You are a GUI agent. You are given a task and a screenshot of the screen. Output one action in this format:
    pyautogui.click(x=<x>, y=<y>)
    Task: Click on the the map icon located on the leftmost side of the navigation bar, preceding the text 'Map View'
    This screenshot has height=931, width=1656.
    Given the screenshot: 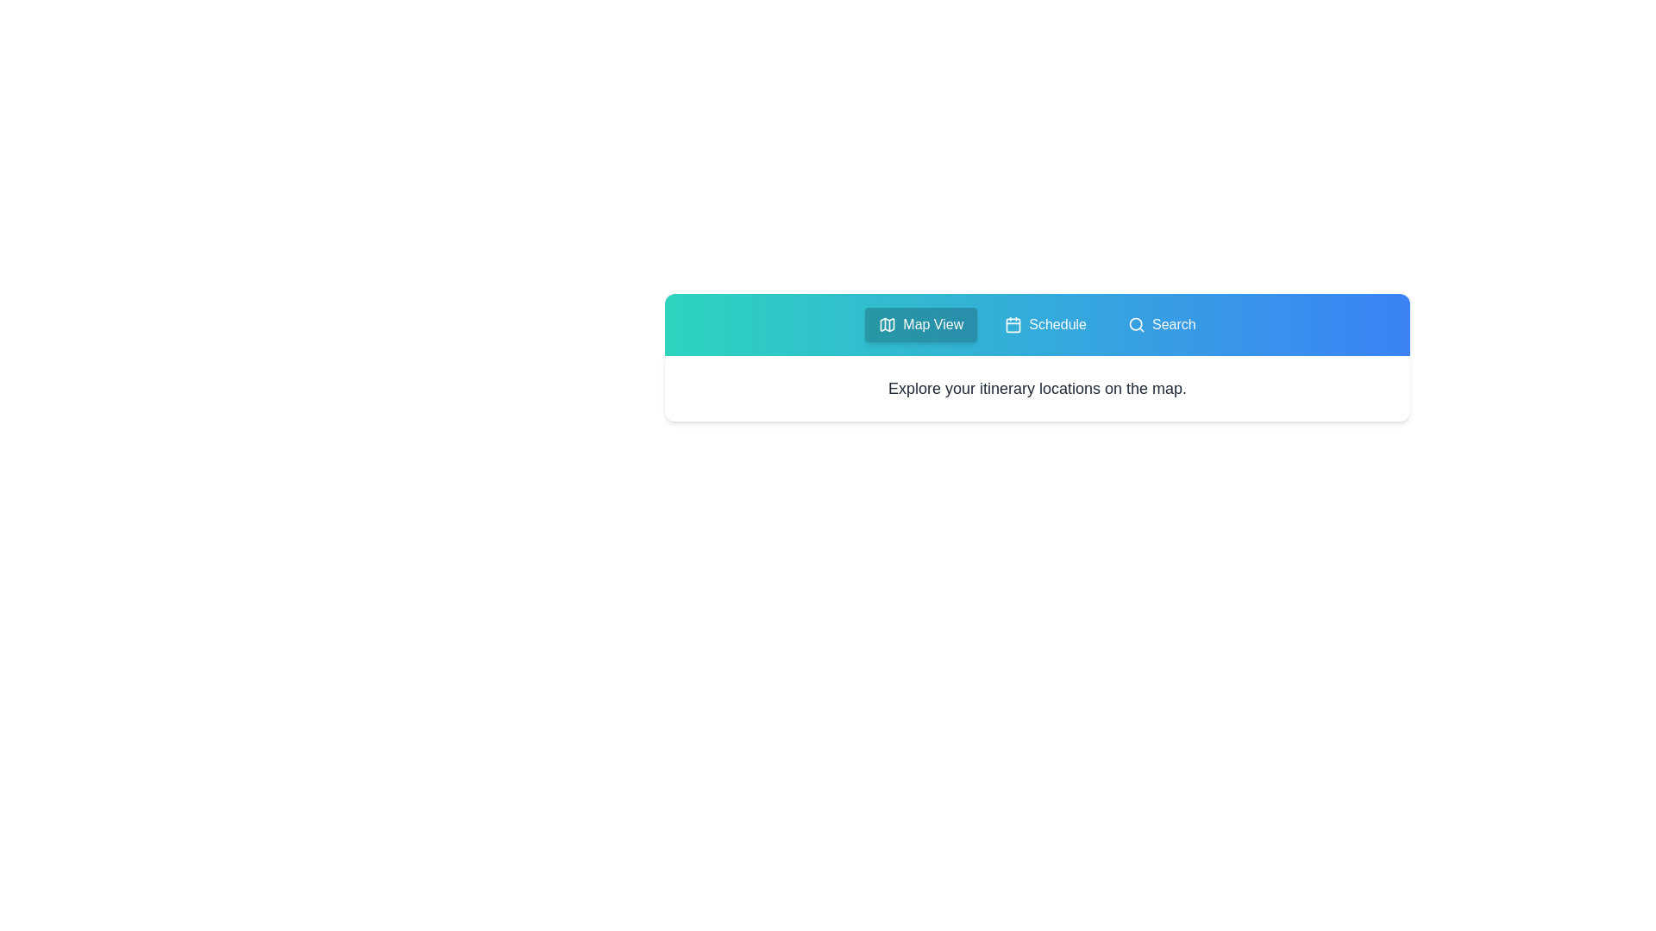 What is the action you would take?
    pyautogui.click(x=888, y=325)
    